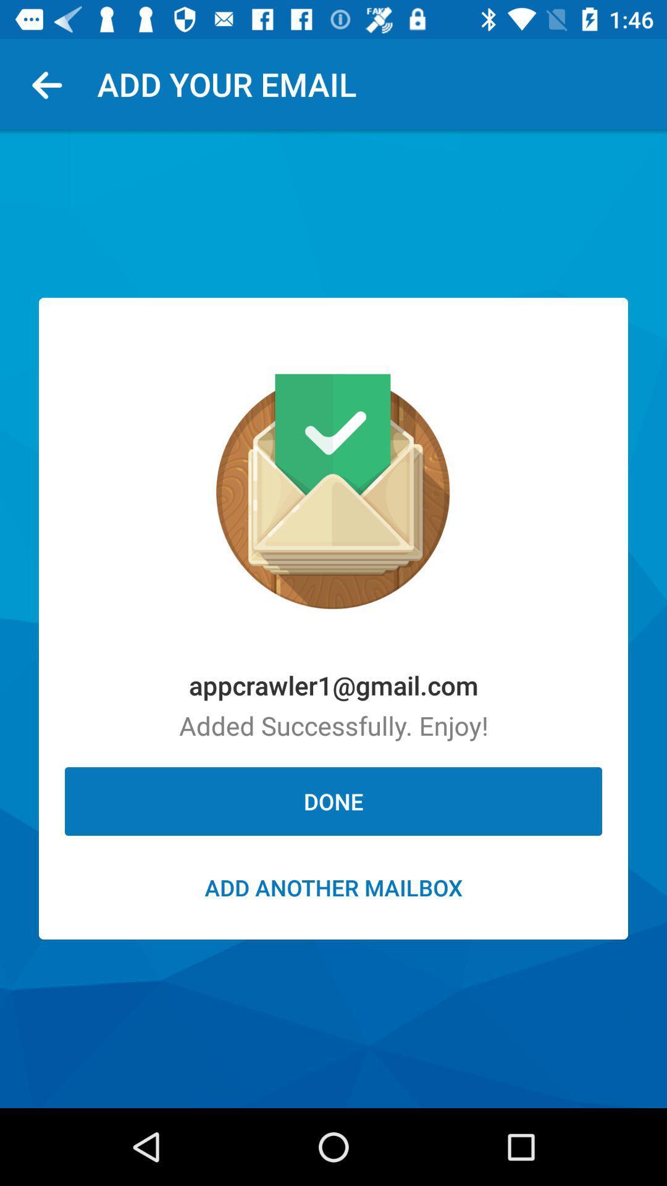 The width and height of the screenshot is (667, 1186). Describe the element at coordinates (51, 83) in the screenshot. I see `the app to the left of the add your email item` at that location.